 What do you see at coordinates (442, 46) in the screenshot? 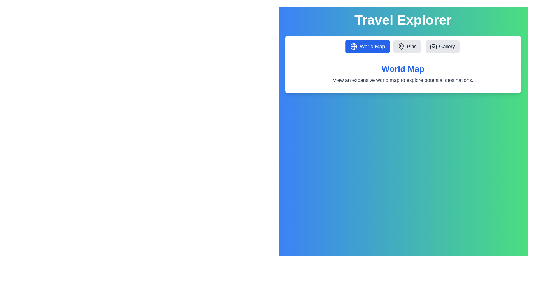
I see `the tab button labeled Gallery to switch to the corresponding tab` at bounding box center [442, 46].